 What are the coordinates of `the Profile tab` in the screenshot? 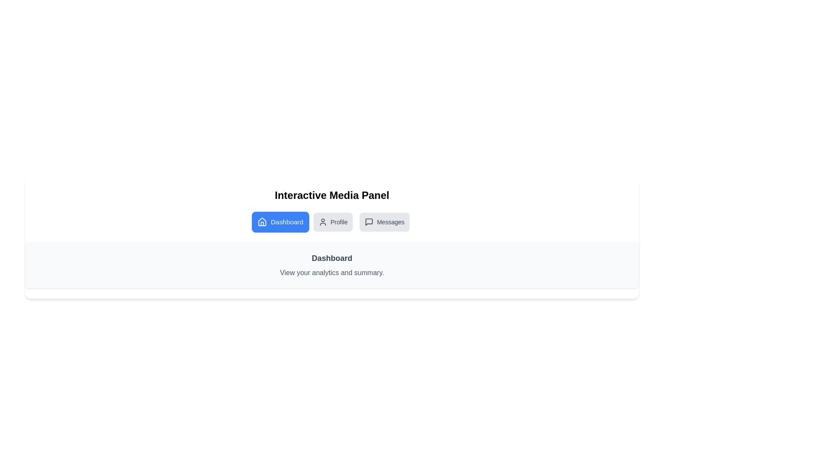 It's located at (332, 222).